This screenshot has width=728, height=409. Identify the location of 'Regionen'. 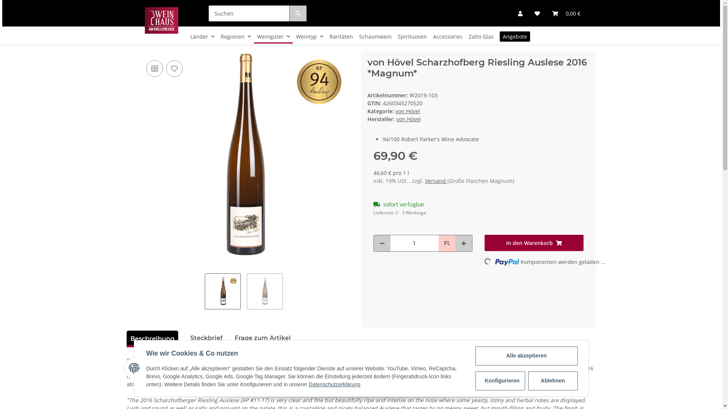
(235, 36).